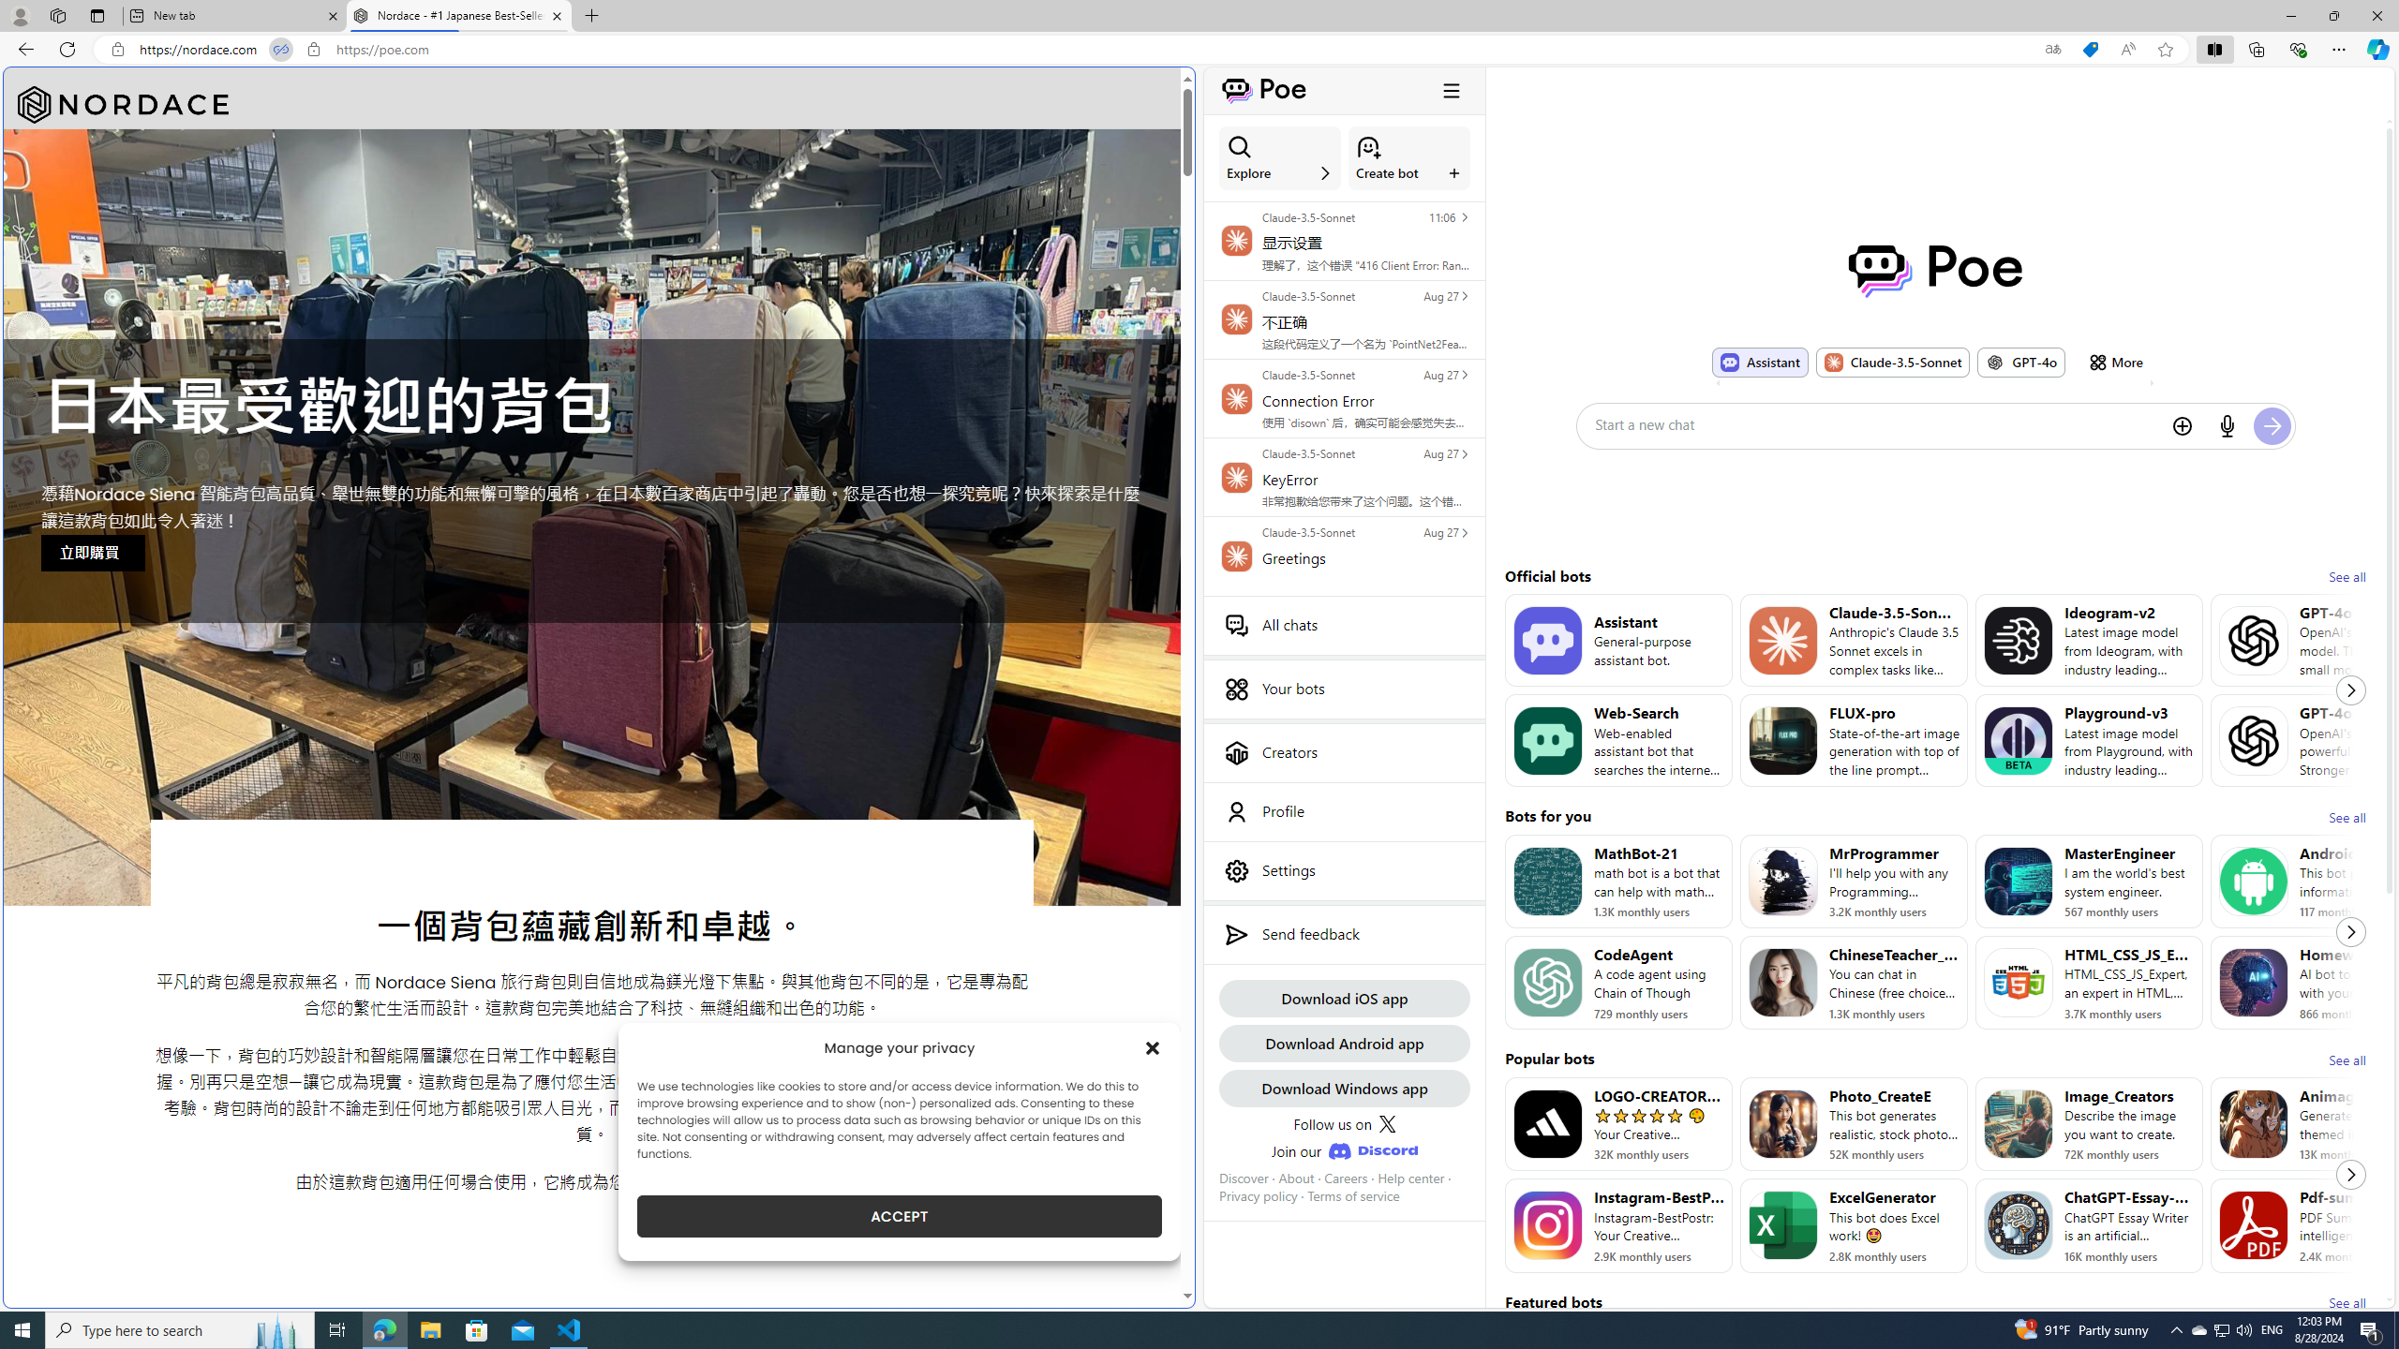 The image size is (2399, 1349). What do you see at coordinates (1295, 1177) in the screenshot?
I see `'About'` at bounding box center [1295, 1177].